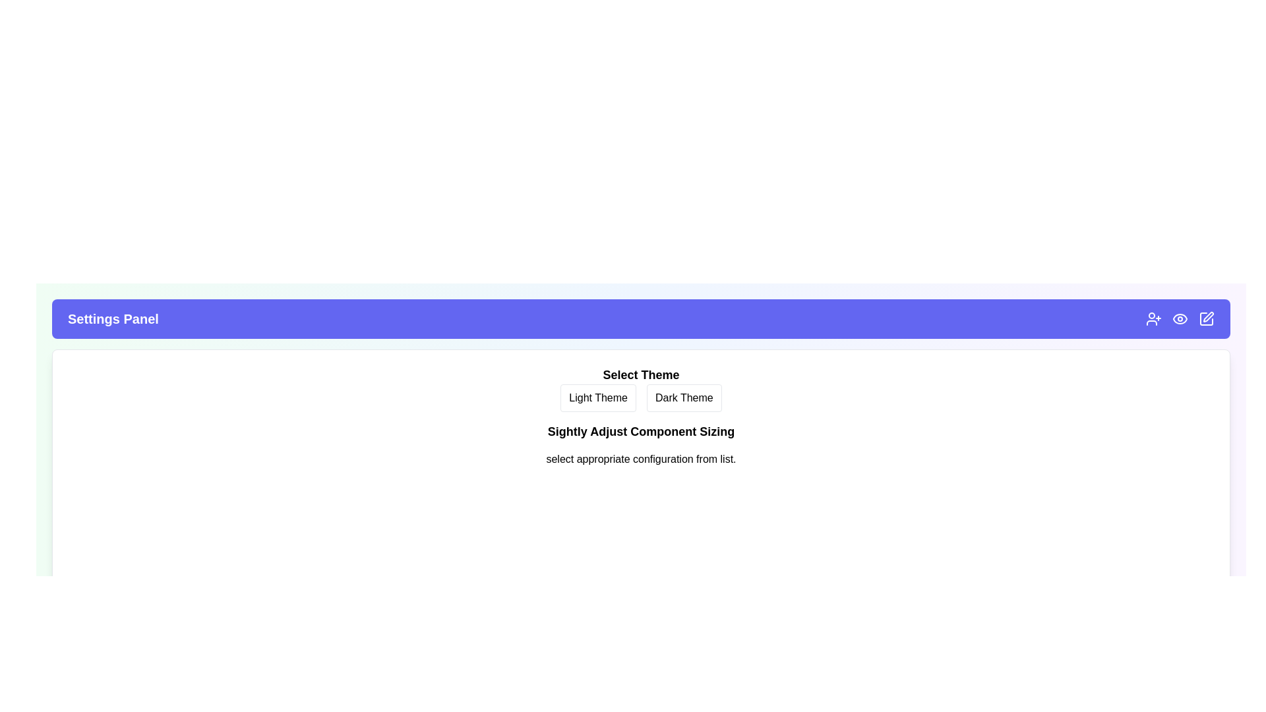  What do you see at coordinates (684, 398) in the screenshot?
I see `the dark mode button located in the 'Select Theme' area` at bounding box center [684, 398].